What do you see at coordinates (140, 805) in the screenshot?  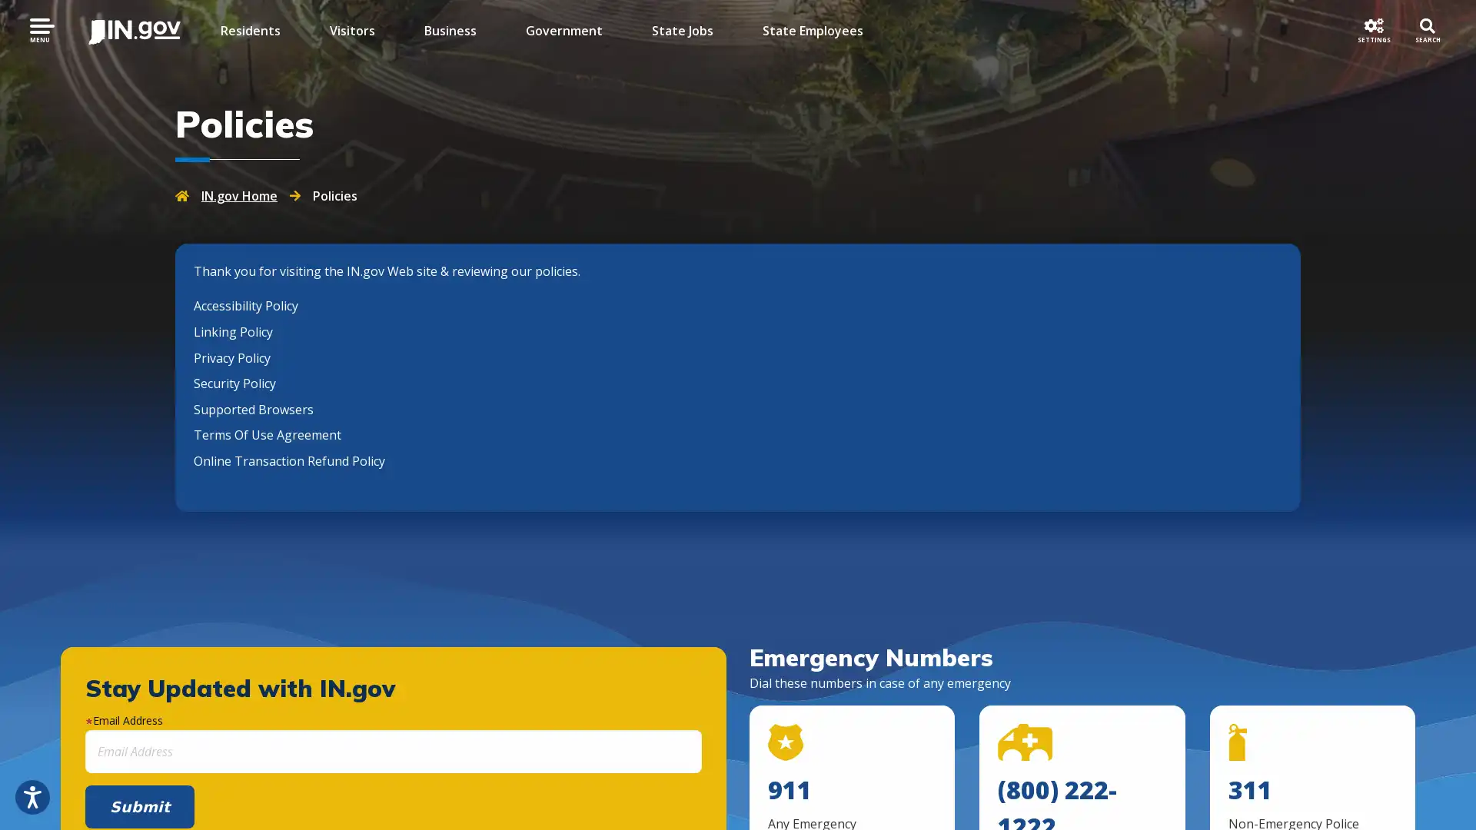 I see `Submit` at bounding box center [140, 805].